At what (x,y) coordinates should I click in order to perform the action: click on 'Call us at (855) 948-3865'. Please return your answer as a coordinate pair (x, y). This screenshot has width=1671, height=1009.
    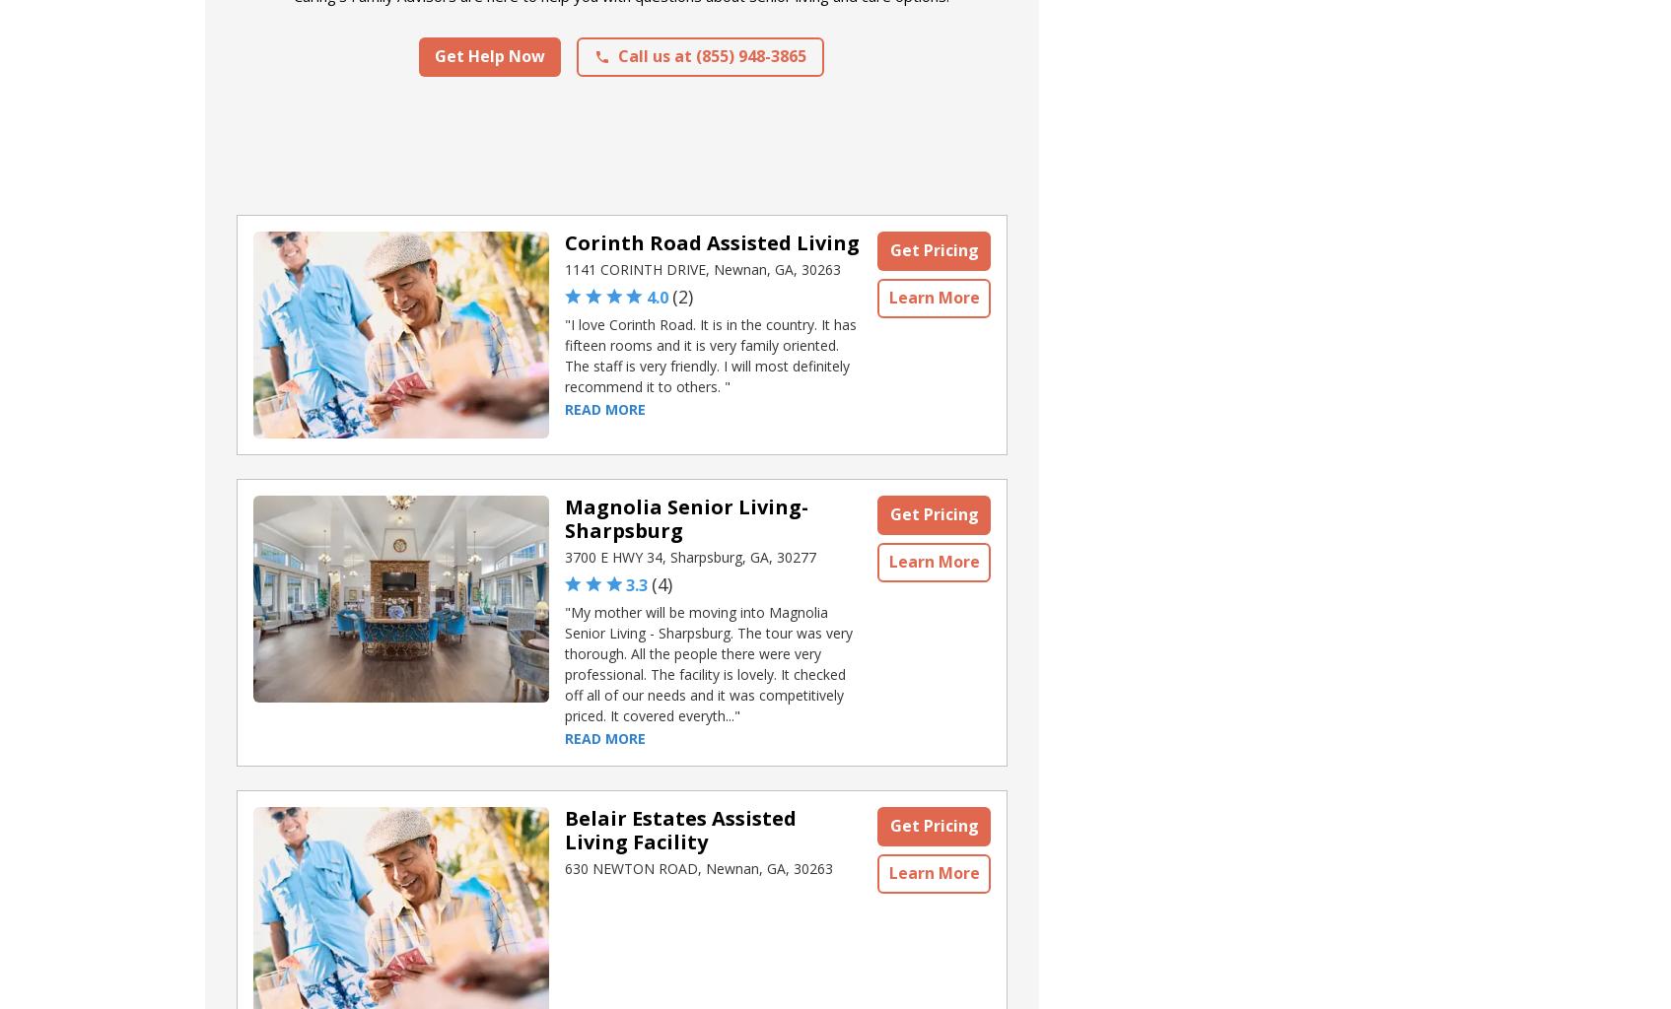
    Looking at the image, I should click on (711, 55).